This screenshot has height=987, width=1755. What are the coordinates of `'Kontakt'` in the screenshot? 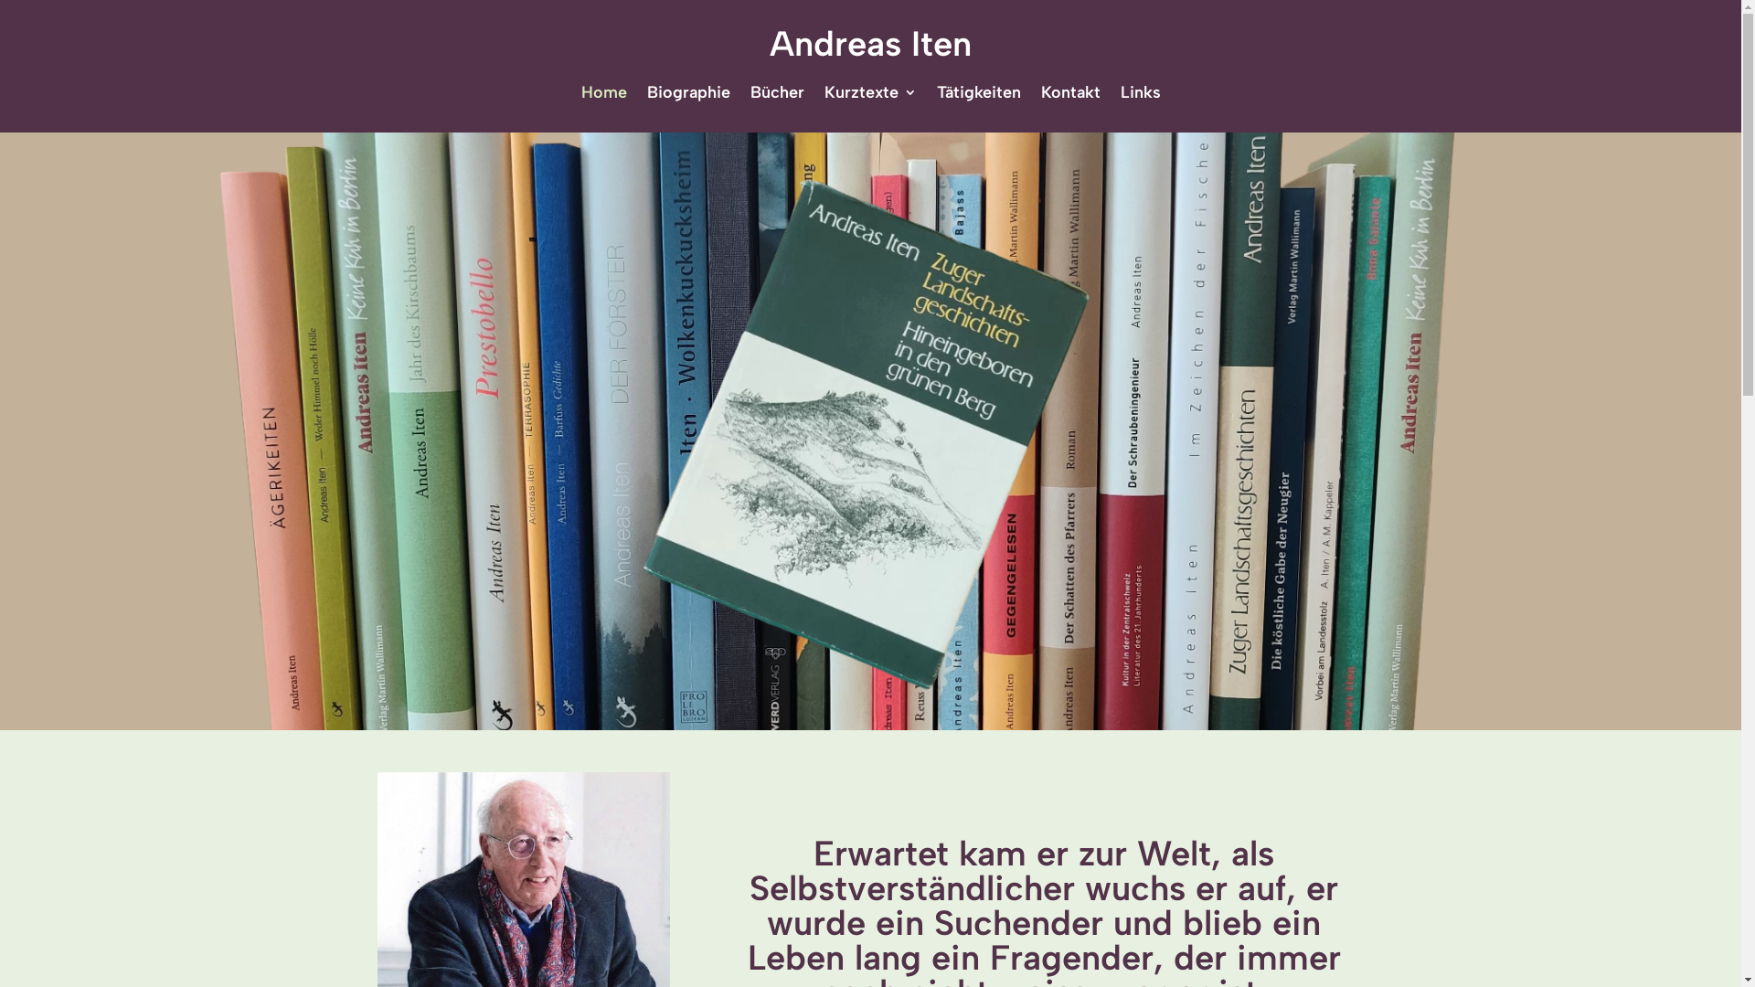 It's located at (1039, 95).